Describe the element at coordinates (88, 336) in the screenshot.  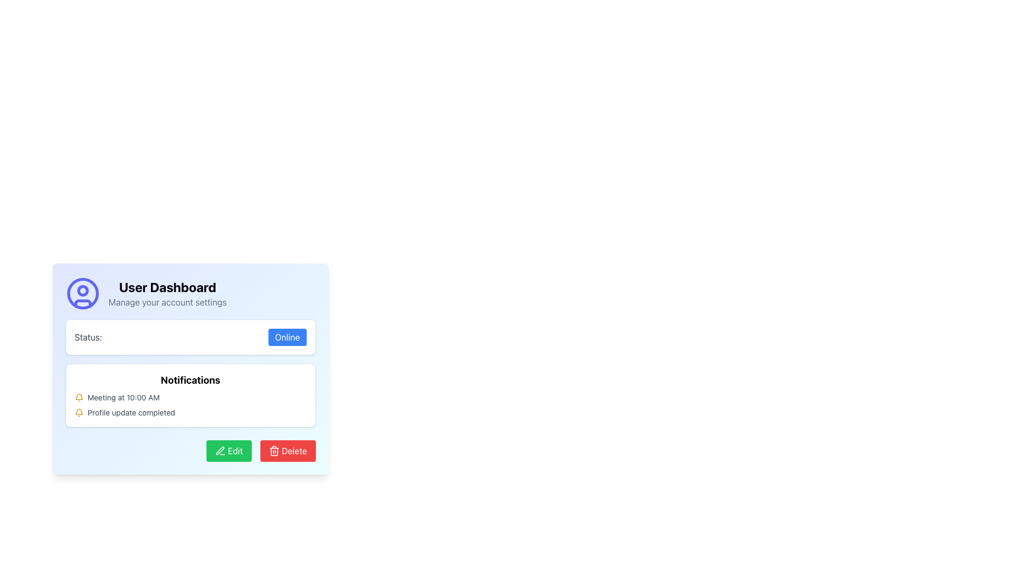
I see `the text label displaying 'Status:' in gray color located on the left side of the 'User Dashboard' card` at that location.